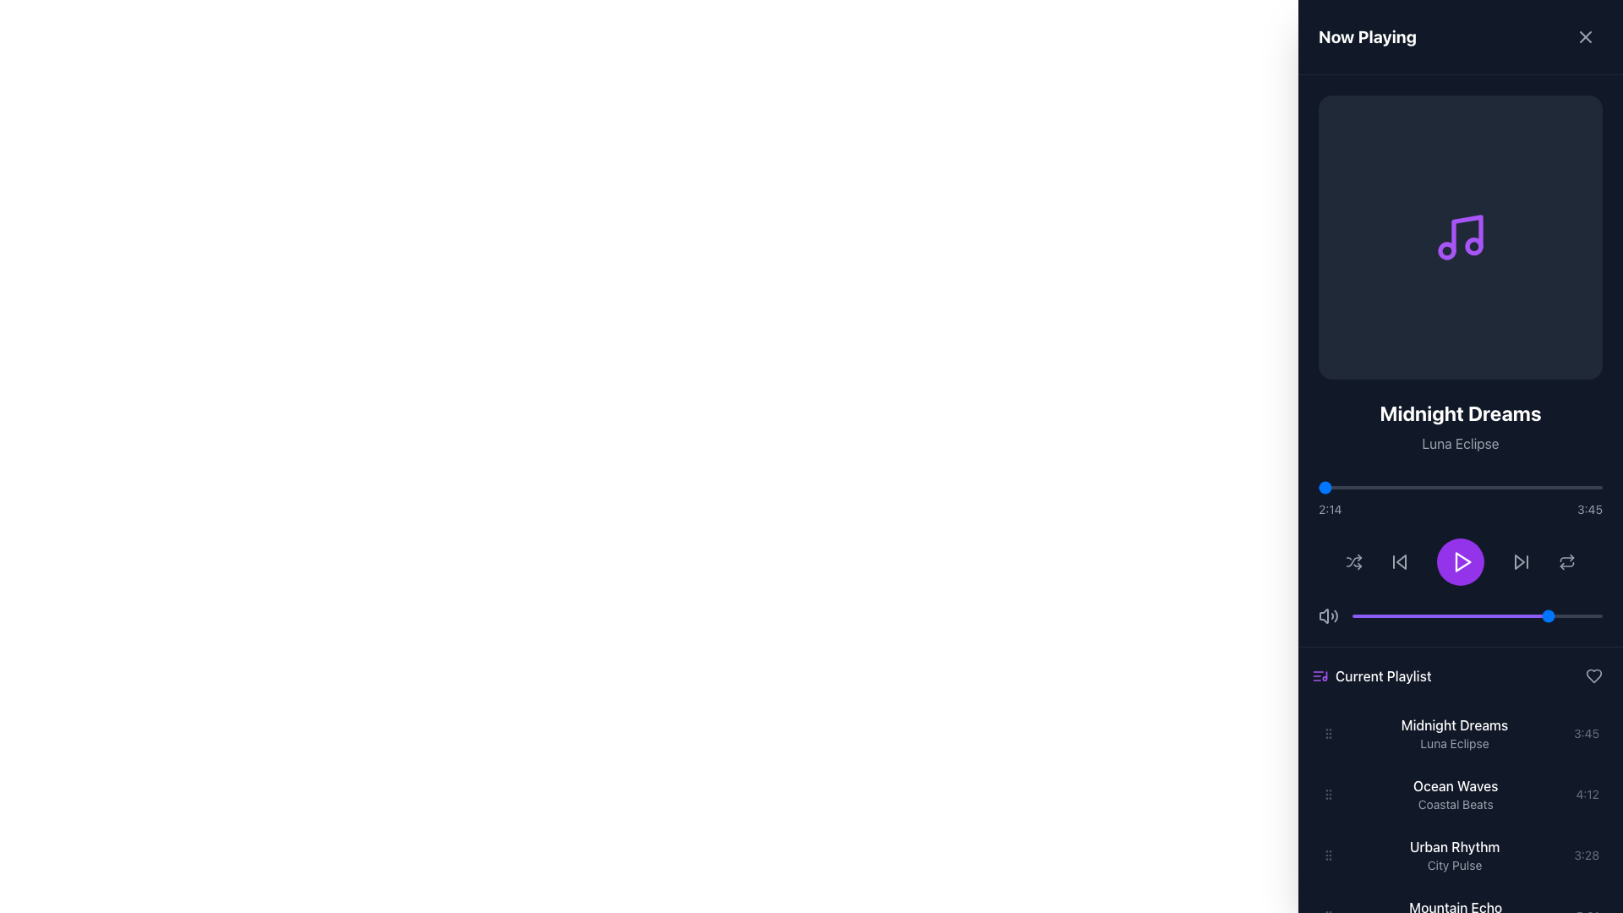 This screenshot has height=913, width=1623. Describe the element at coordinates (1400, 561) in the screenshot. I see `the Playback control button, the second button from the left in the row of playback controls, to change its color` at that location.